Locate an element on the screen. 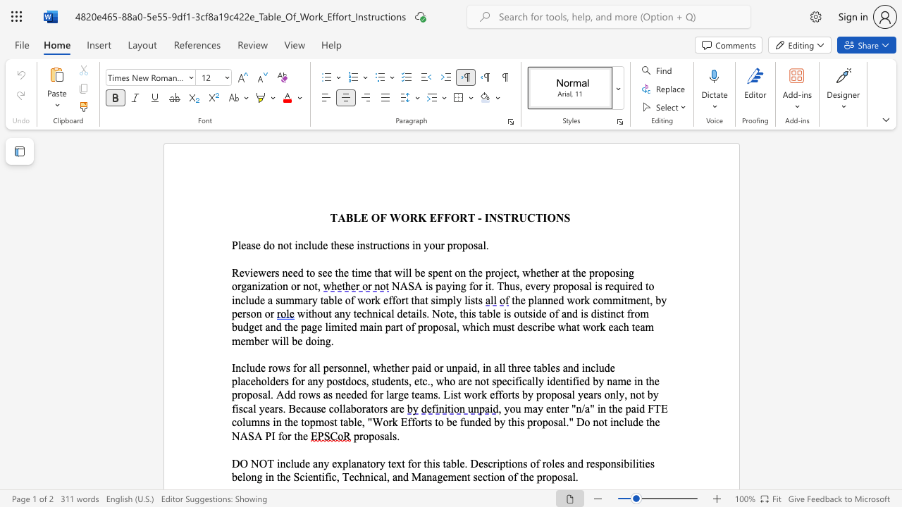  the subset text "ether at t" within the text "Reviewers need to see the time that will be spent on the project, whether at the proposing organization or not," is located at coordinates (535, 273).